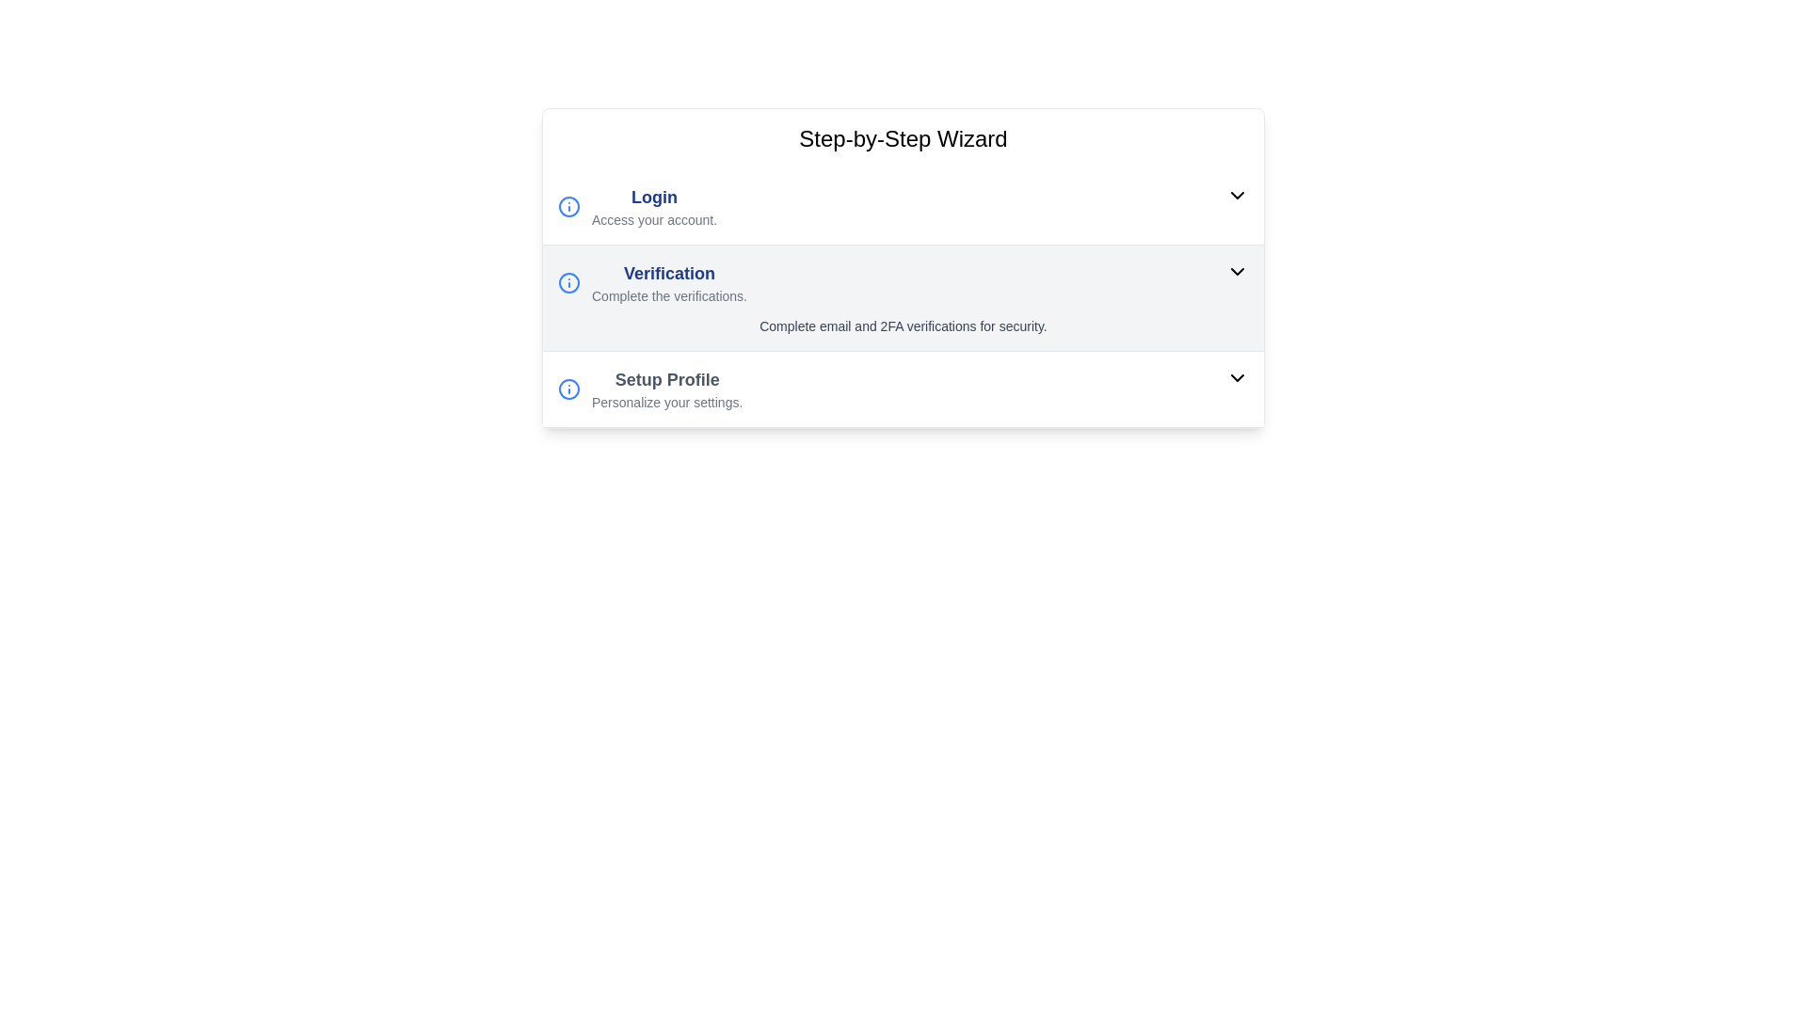 The height and width of the screenshot is (1016, 1807). What do you see at coordinates (669, 282) in the screenshot?
I see `information displayed in the second step label of the step-by-step wizard interface, which indicates the verification process and its description` at bounding box center [669, 282].